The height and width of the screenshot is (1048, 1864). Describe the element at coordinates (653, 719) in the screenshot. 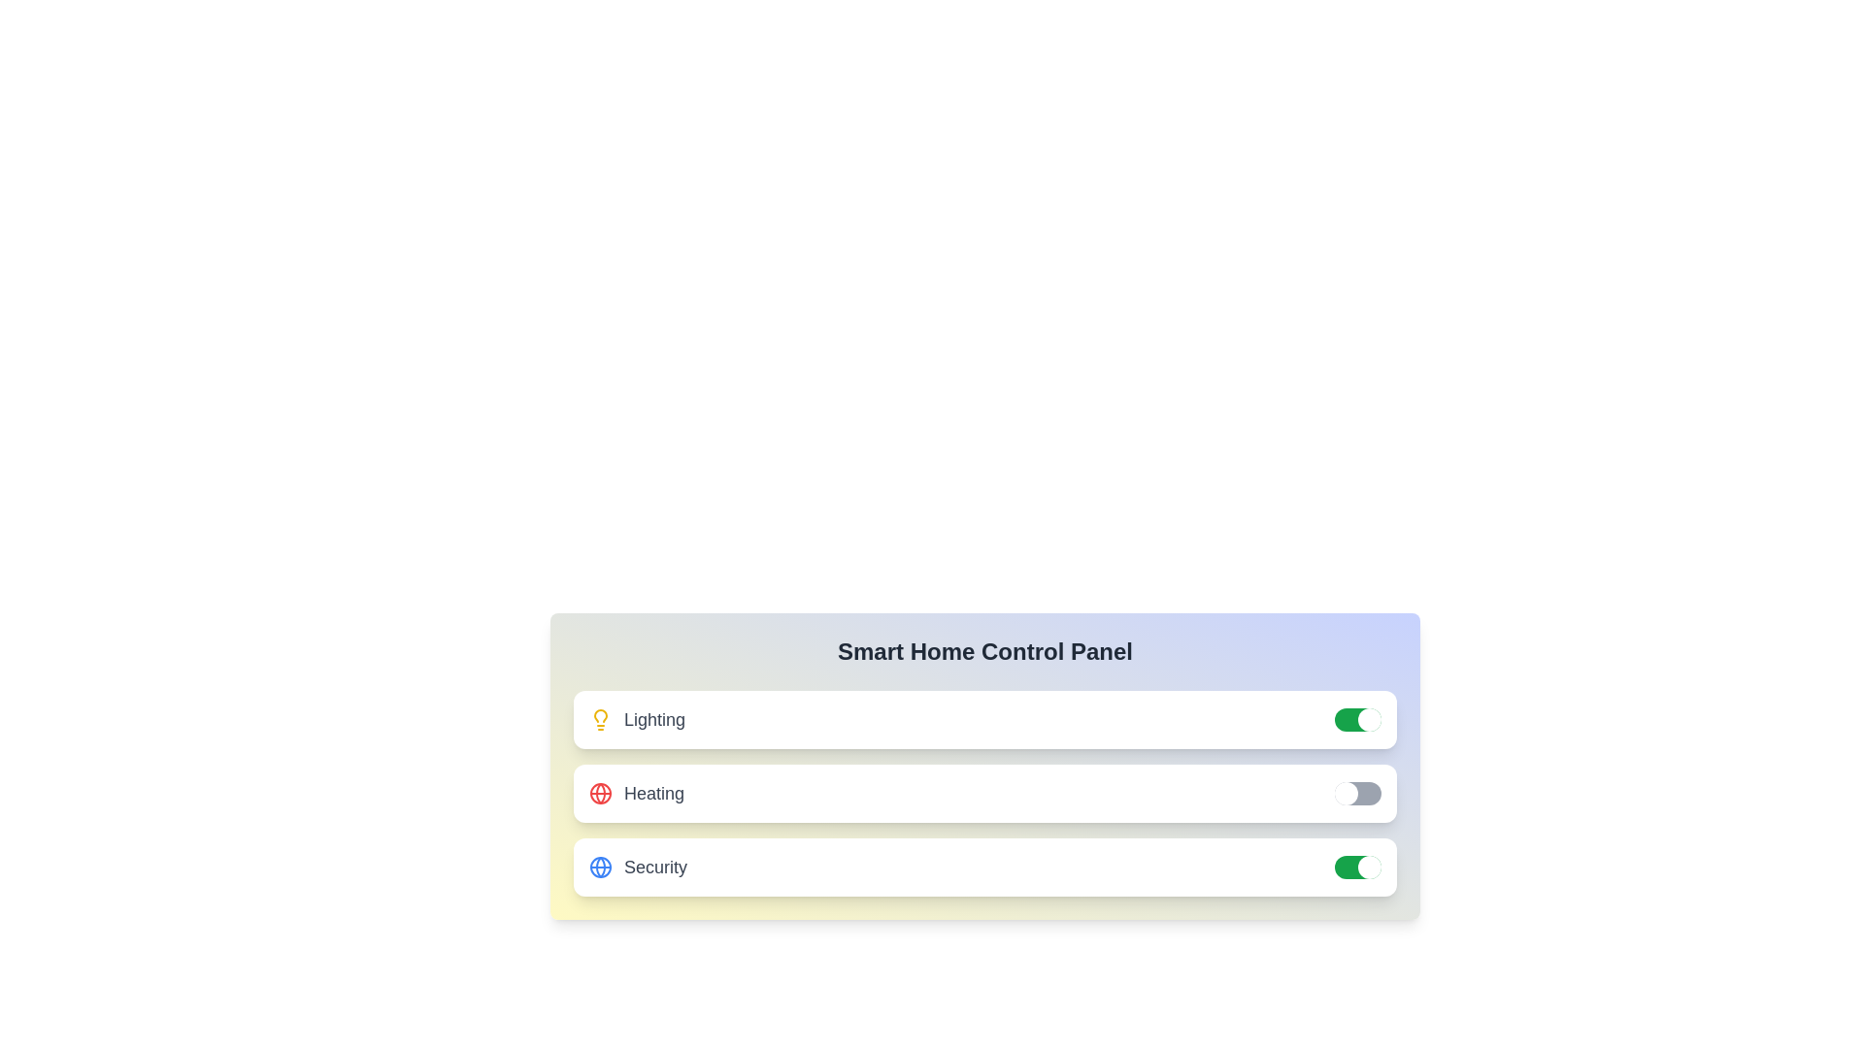

I see `the label text of the system to select it` at that location.